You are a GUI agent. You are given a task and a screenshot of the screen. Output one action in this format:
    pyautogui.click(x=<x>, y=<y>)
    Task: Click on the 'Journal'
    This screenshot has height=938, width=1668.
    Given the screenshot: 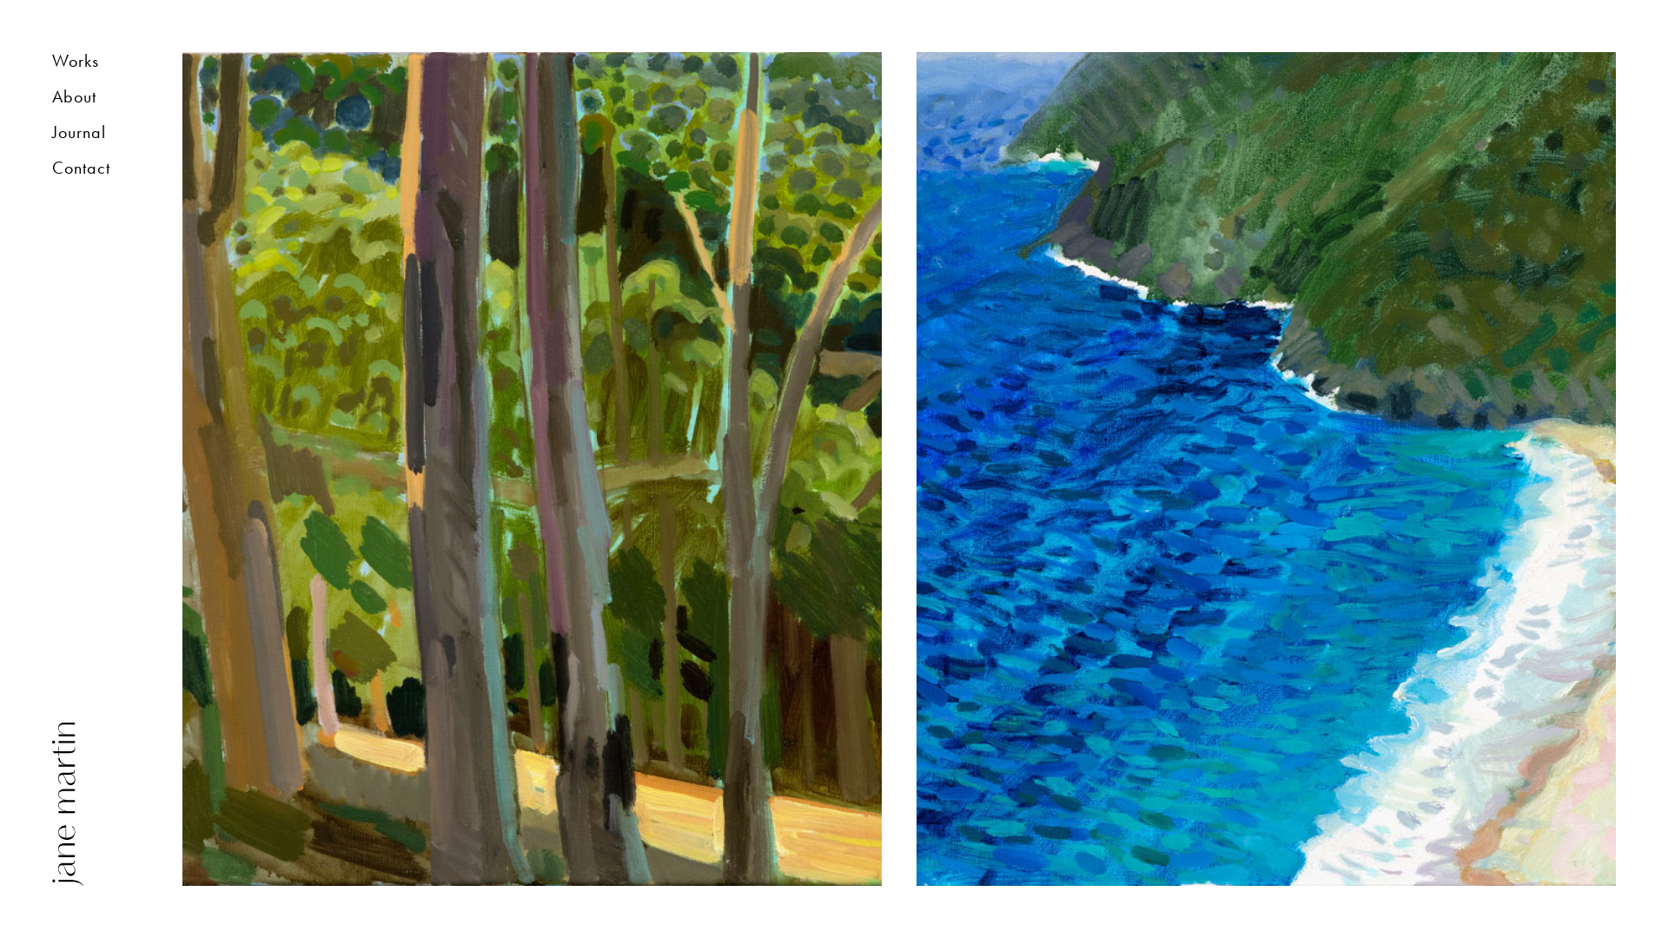 What is the action you would take?
    pyautogui.click(x=90, y=136)
    